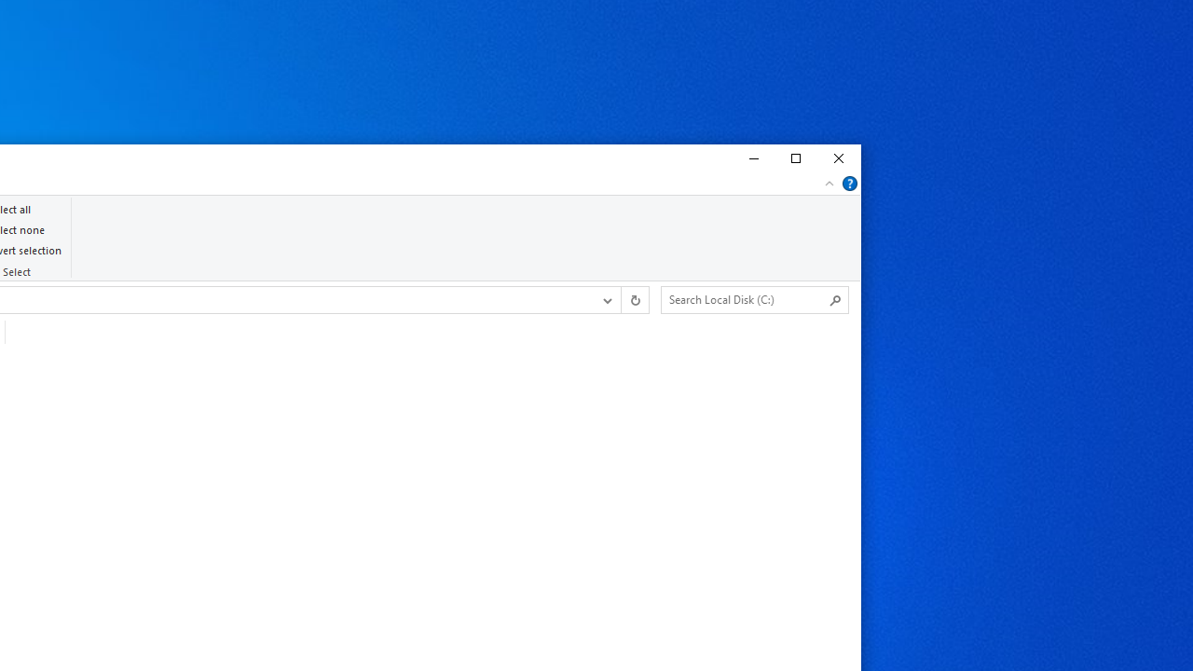 Image resolution: width=1193 pixels, height=671 pixels. What do you see at coordinates (606, 298) in the screenshot?
I see `'Previous Locations'` at bounding box center [606, 298].